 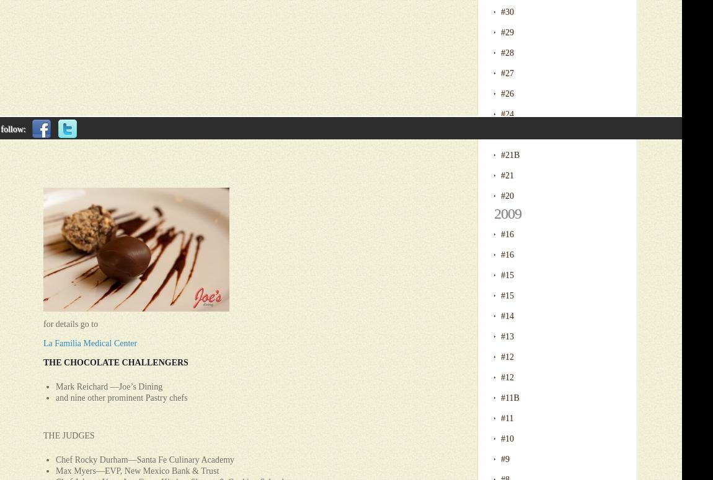 I want to click on 'Chef Rocky Durham—Santa Fe Culinary Academy', so click(x=55, y=459).